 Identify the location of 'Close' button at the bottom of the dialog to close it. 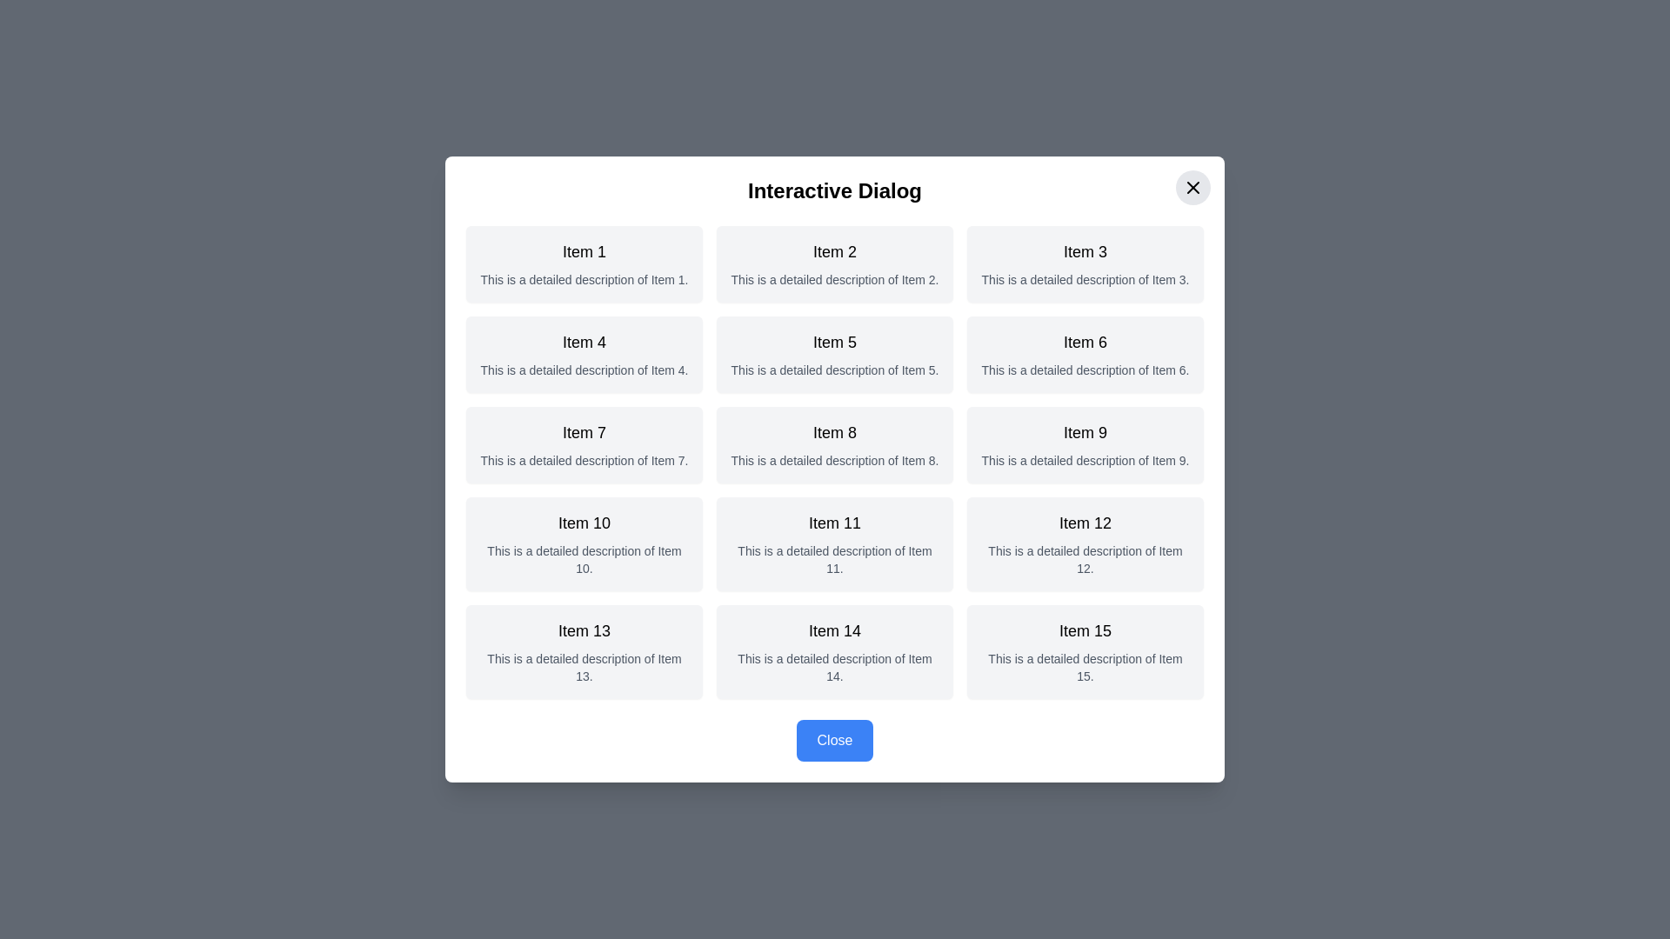
(835, 741).